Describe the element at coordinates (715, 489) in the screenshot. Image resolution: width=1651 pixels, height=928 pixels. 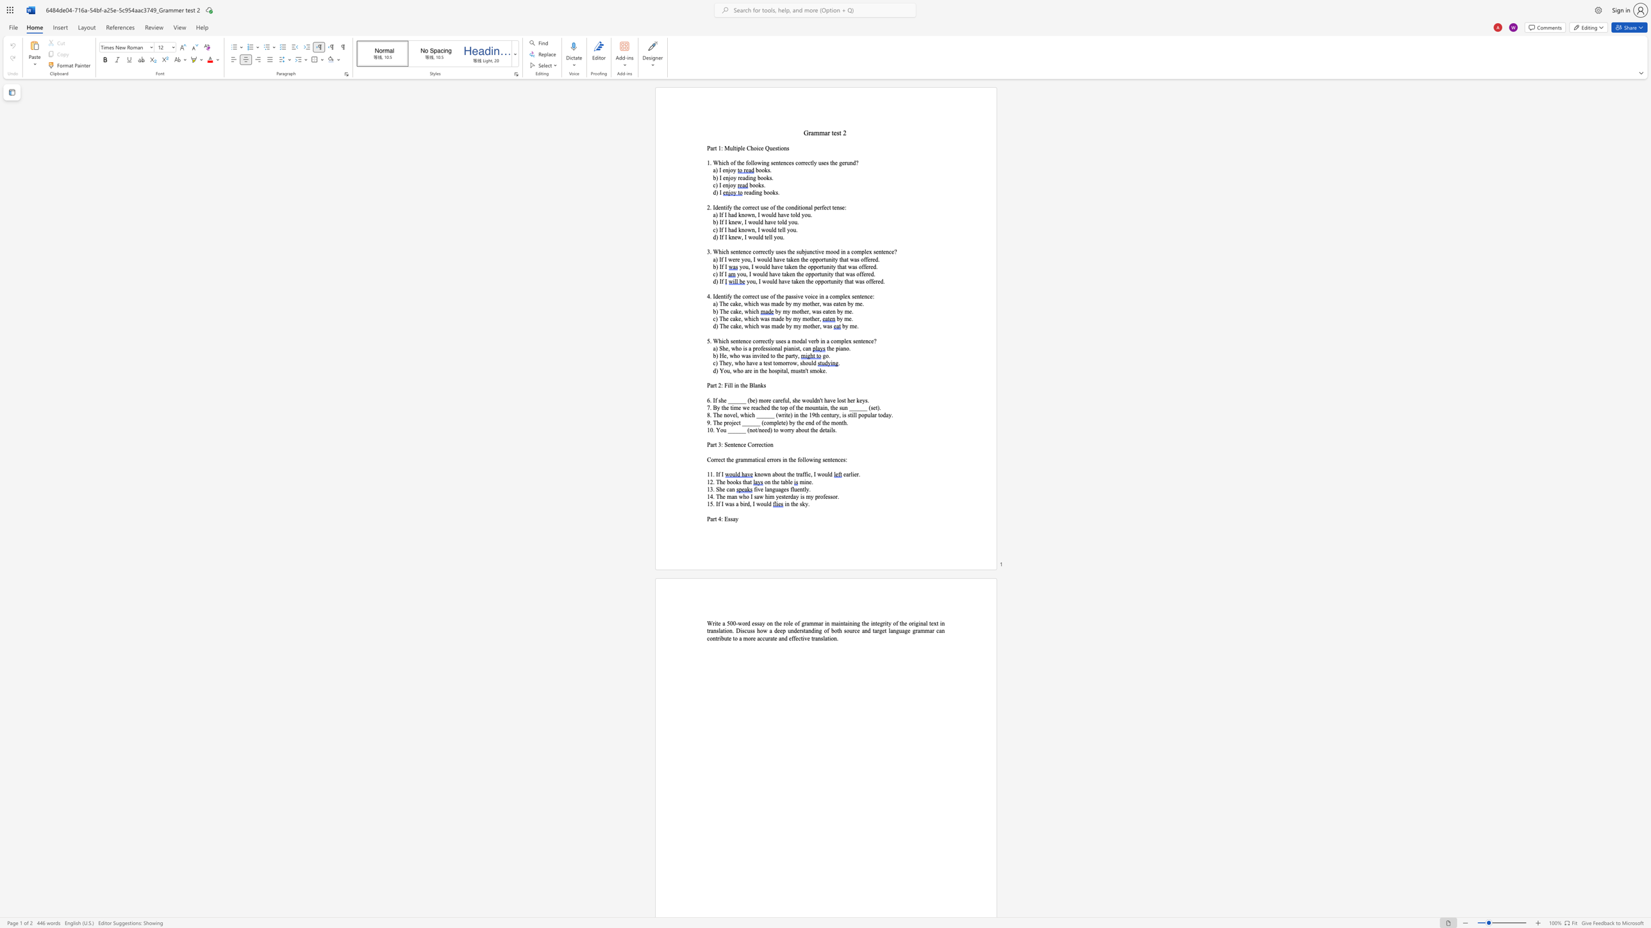
I see `the subset text "She" within the text "13. She can"` at that location.